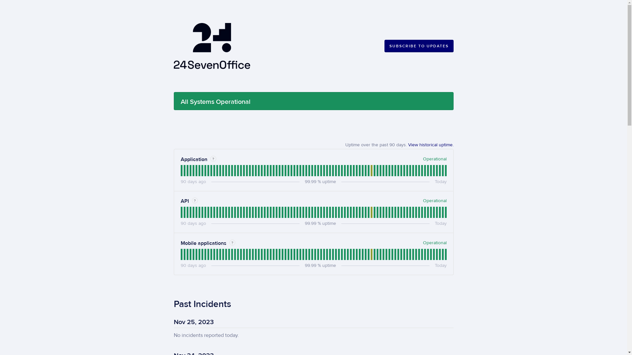 This screenshot has width=632, height=355. Describe the element at coordinates (431, 144) in the screenshot. I see `'View historical uptime.'` at that location.